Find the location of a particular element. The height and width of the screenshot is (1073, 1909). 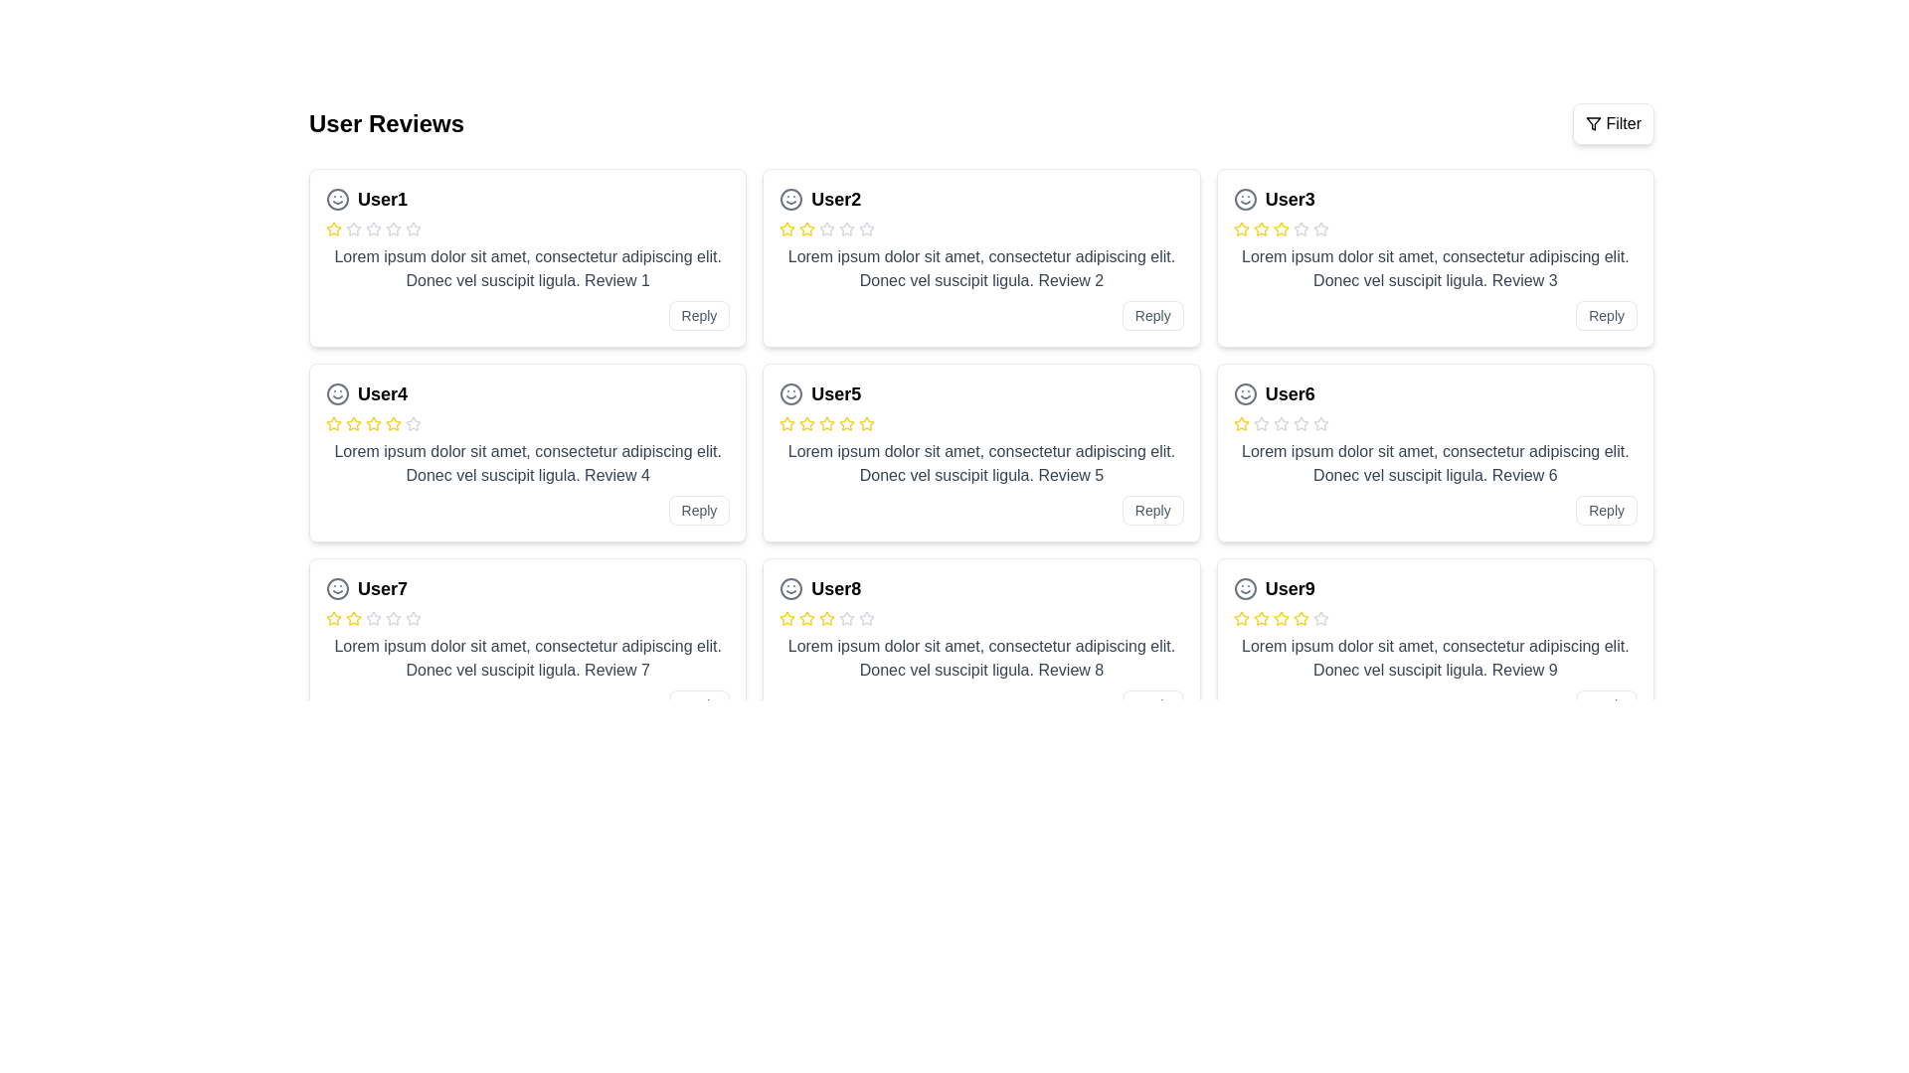

the second star icon in the rating component is located at coordinates (827, 228).